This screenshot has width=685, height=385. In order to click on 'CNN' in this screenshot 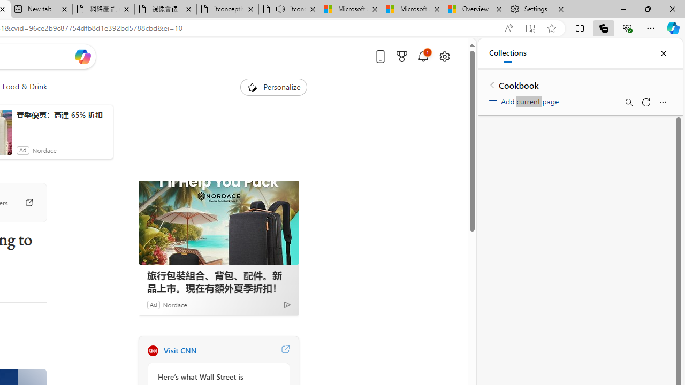, I will do `click(152, 350)`.